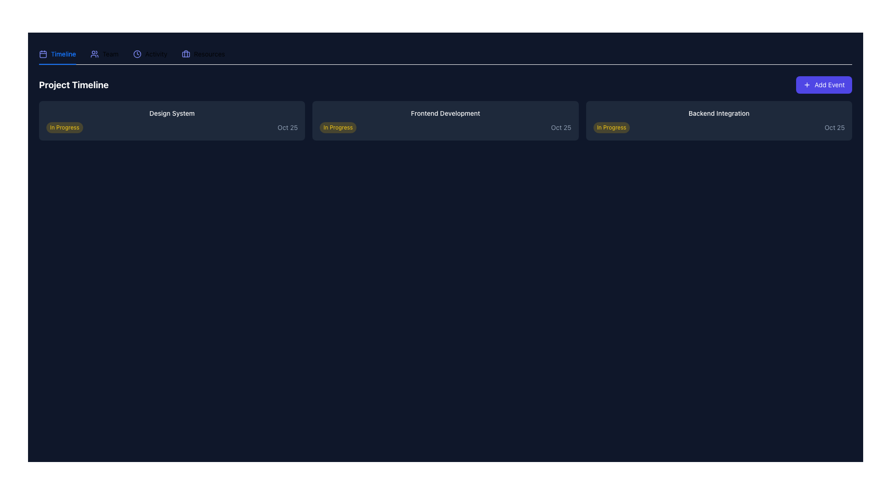 The image size is (882, 496). Describe the element at coordinates (824, 85) in the screenshot. I see `the purple button with rounded edges labeled 'Add Event'` at that location.